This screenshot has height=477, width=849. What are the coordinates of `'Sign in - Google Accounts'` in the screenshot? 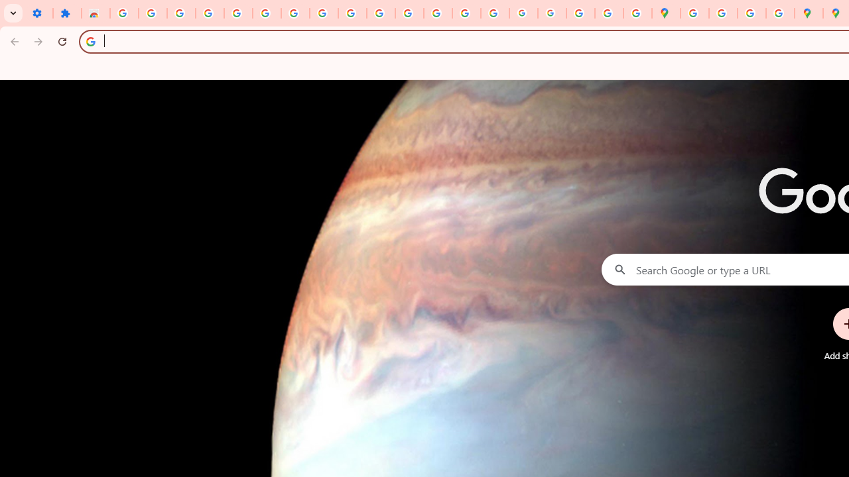 It's located at (124, 13).